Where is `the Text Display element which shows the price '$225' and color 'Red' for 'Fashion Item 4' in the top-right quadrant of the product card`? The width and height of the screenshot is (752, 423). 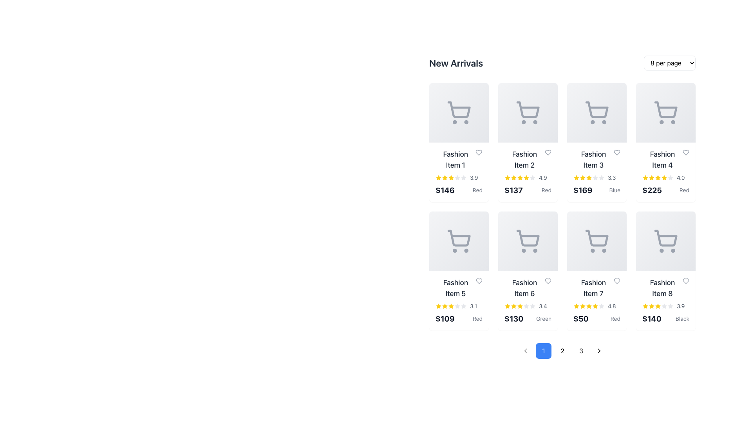
the Text Display element which shows the price '$225' and color 'Red' for 'Fashion Item 4' in the top-right quadrant of the product card is located at coordinates (665, 190).